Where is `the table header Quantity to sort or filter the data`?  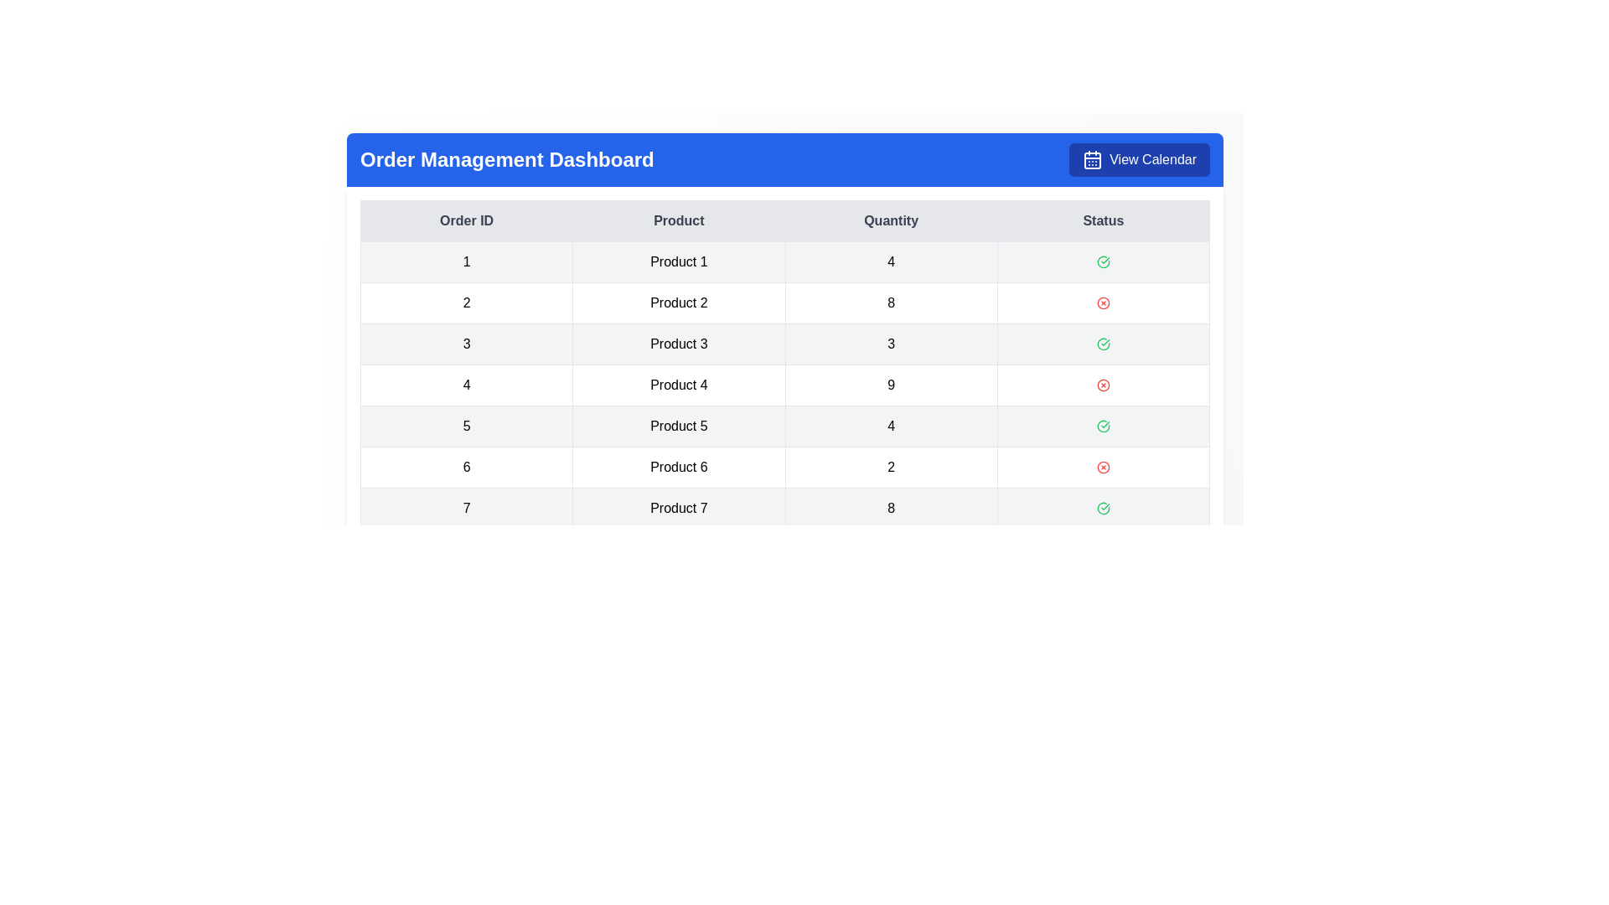 the table header Quantity to sort or filter the data is located at coordinates (890, 220).